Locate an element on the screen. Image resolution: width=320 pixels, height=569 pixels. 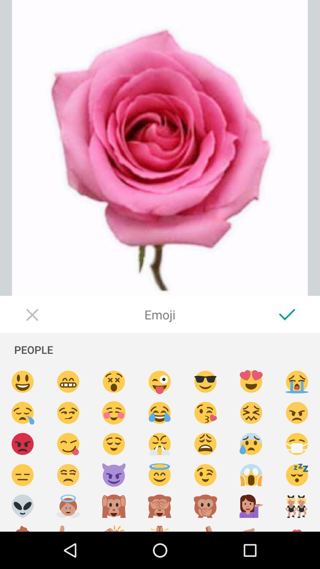
sad sniffle emoji is located at coordinates (22, 413).